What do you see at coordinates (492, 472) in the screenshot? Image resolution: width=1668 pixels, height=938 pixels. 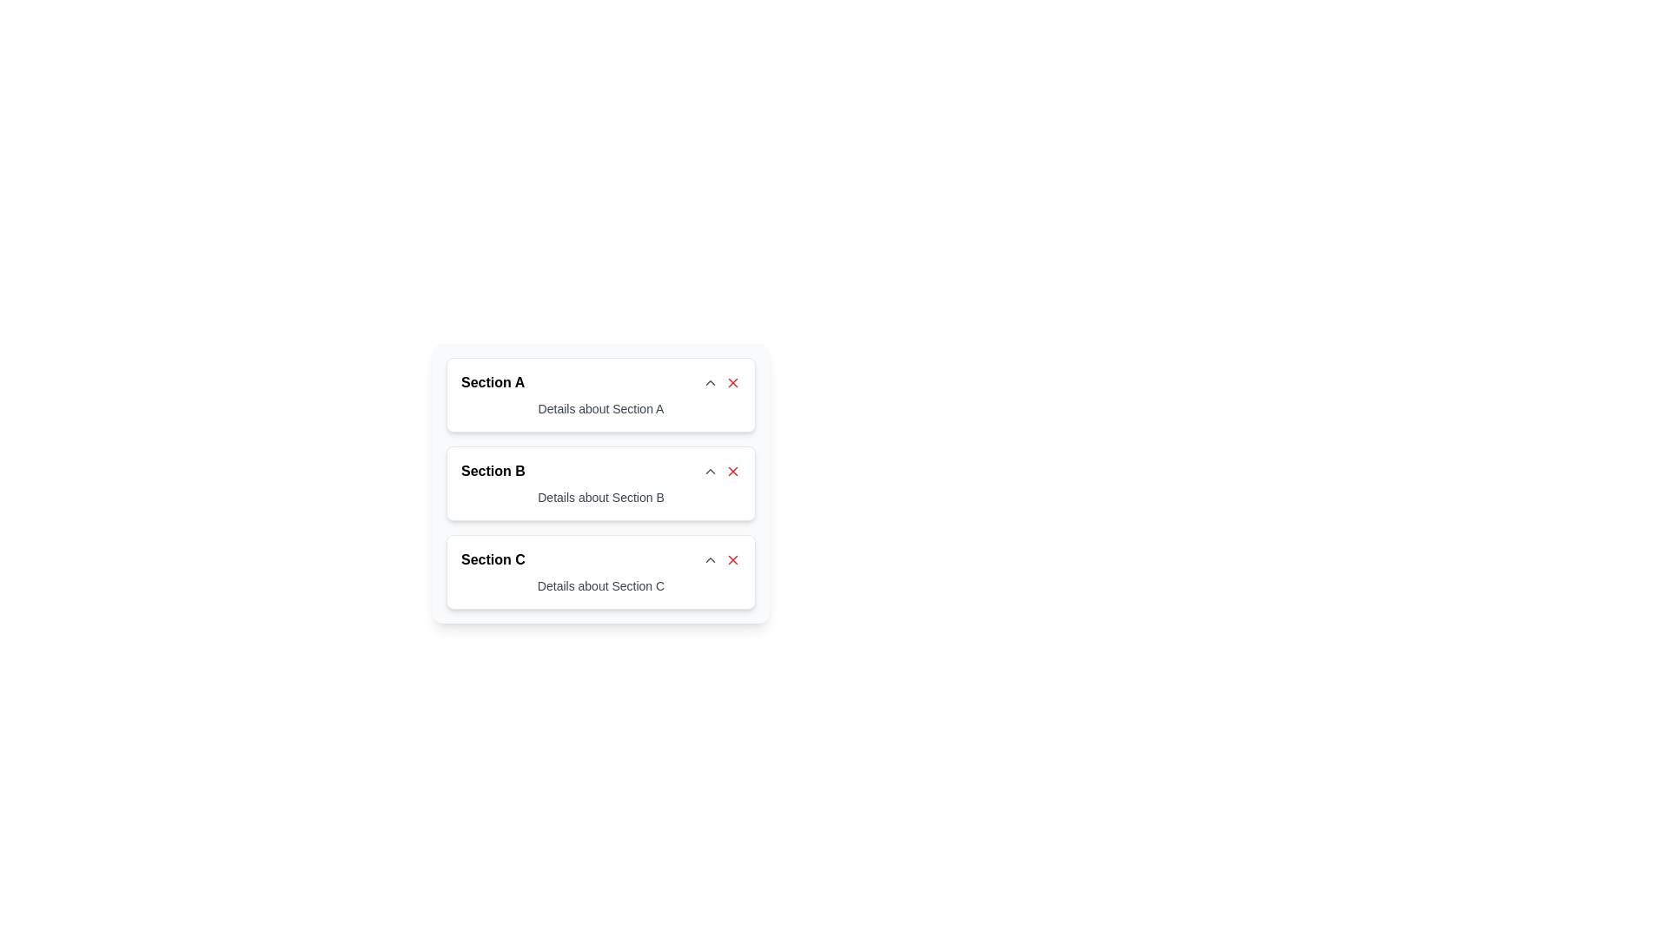 I see `the header text element that identifies the section's content, located between 'Section A' and 'Section C'` at bounding box center [492, 472].